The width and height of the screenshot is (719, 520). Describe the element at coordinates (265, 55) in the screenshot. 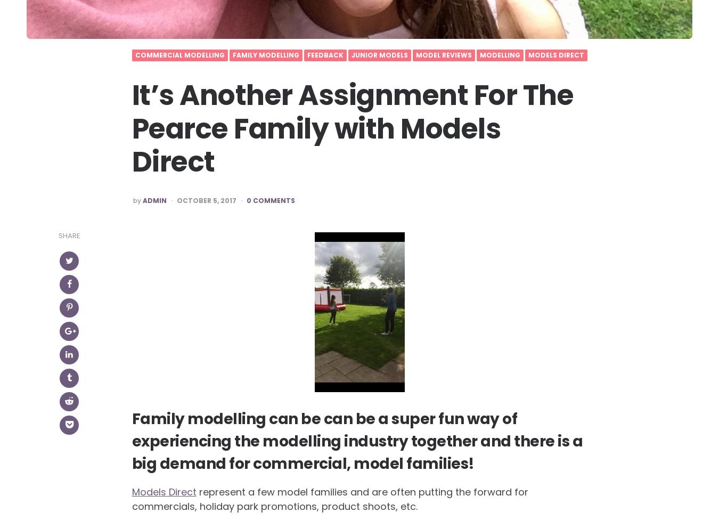

I see `'Family Modelling'` at that location.